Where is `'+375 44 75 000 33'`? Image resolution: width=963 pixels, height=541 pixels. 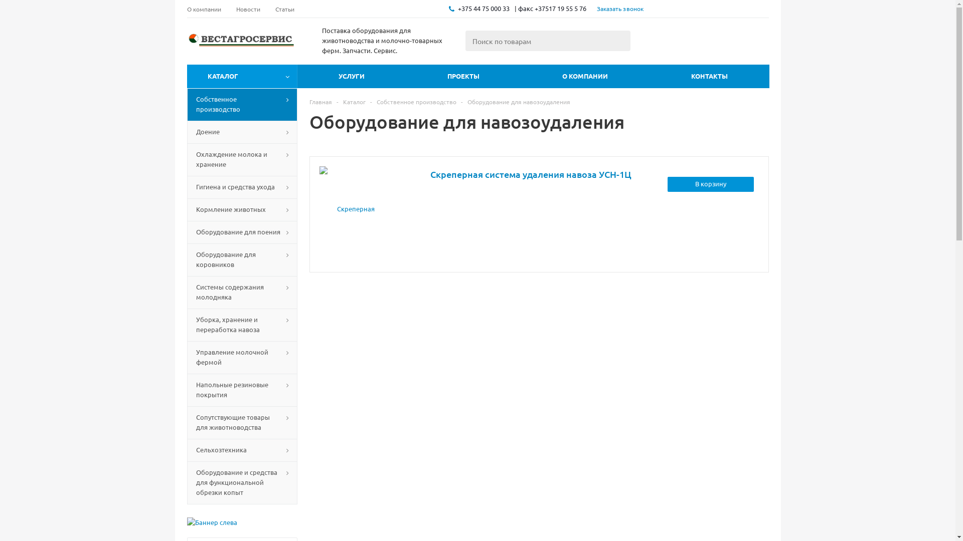
'+375 44 75 000 33' is located at coordinates (483, 8).